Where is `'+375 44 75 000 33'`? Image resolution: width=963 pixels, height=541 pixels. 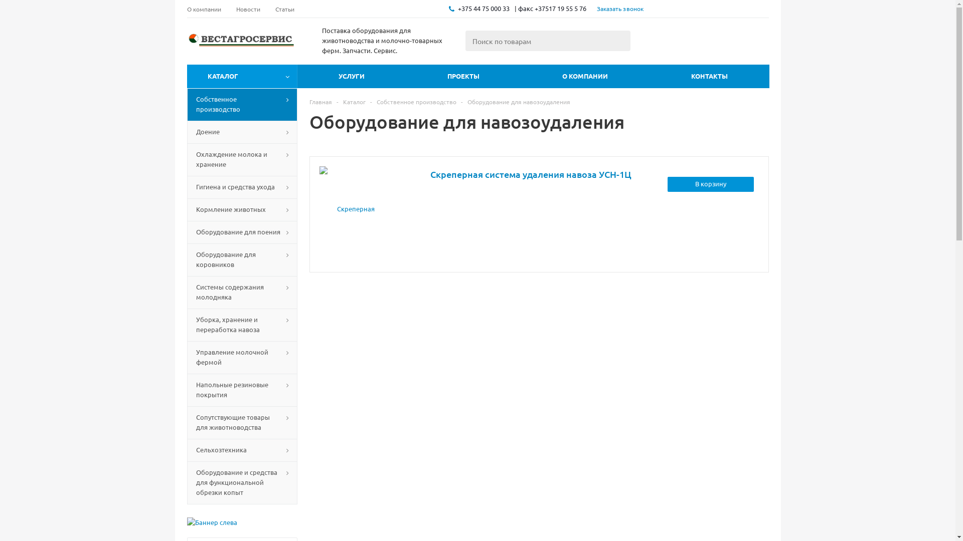
'+375 44 75 000 33' is located at coordinates (483, 8).